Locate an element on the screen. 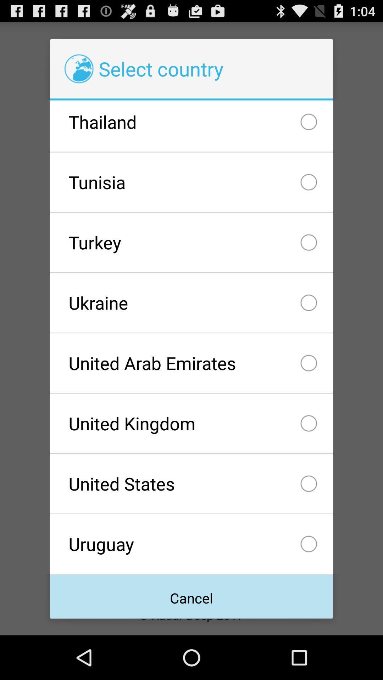 The image size is (383, 680). the tunisia item is located at coordinates (191, 182).